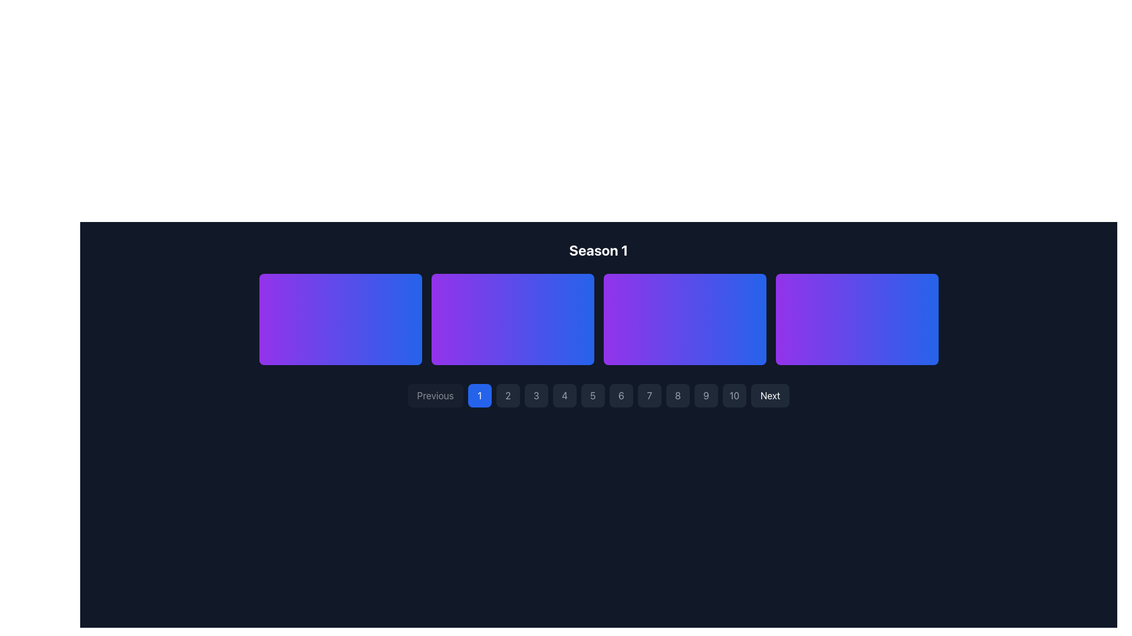 The image size is (1132, 636). What do you see at coordinates (649, 396) in the screenshot?
I see `the pagination button representing page number 7` at bounding box center [649, 396].